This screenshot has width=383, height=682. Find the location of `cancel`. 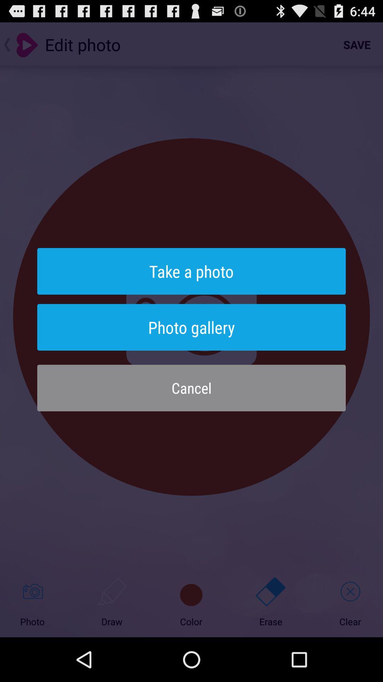

cancel is located at coordinates (191, 388).